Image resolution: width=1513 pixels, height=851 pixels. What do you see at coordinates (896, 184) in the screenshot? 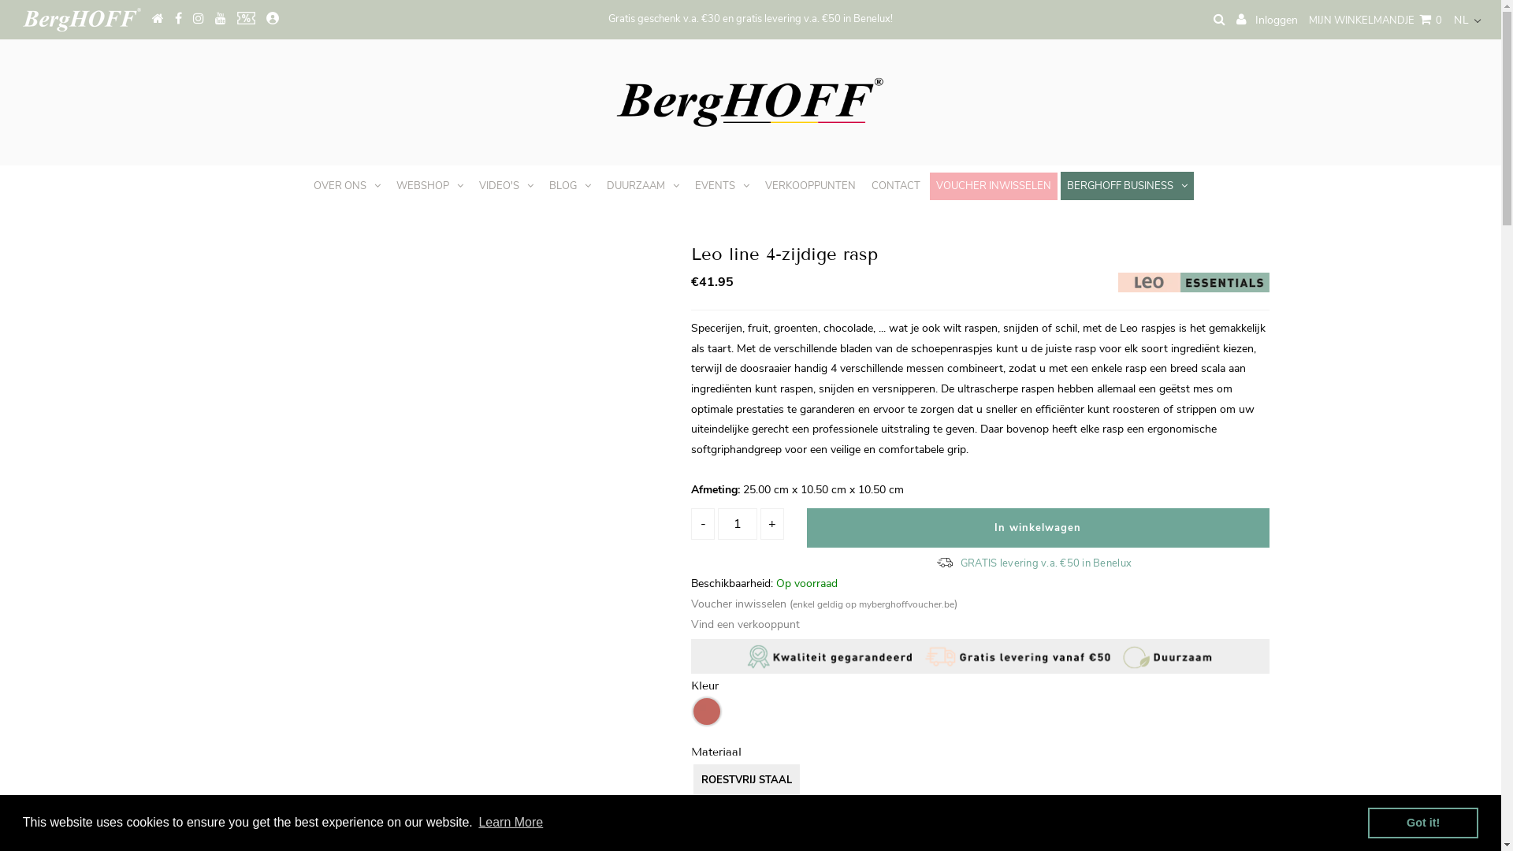
I see `'CONTACT'` at bounding box center [896, 184].